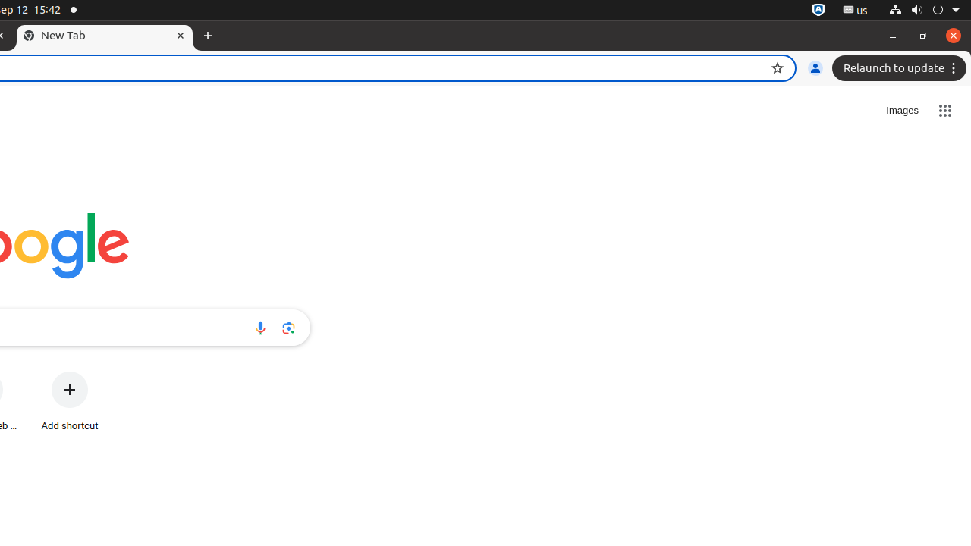 This screenshot has height=546, width=971. Describe the element at coordinates (288, 327) in the screenshot. I see `'Search by image'` at that location.